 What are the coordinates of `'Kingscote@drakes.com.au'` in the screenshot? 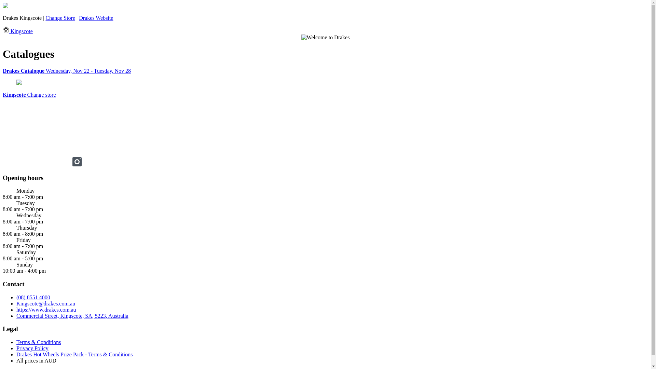 It's located at (45, 303).